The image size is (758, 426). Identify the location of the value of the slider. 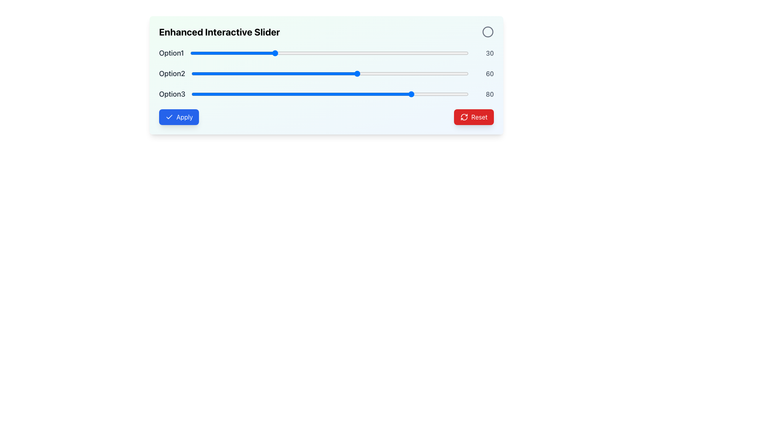
(251, 53).